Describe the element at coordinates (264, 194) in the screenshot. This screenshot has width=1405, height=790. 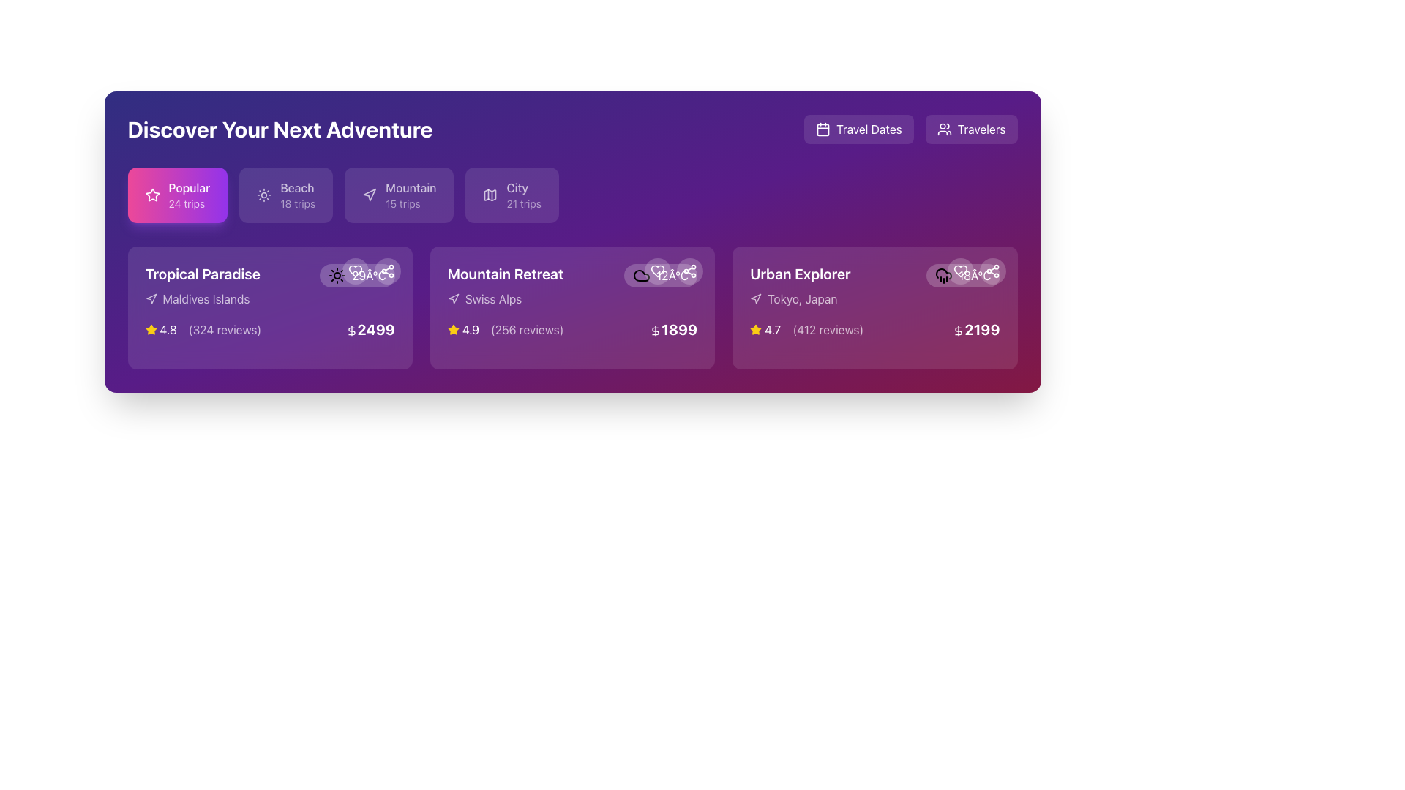
I see `the Beach icon located in the top section of the Beach card, which is positioned to the left of the text '18 trips' and above the word 'Beach'` at that location.